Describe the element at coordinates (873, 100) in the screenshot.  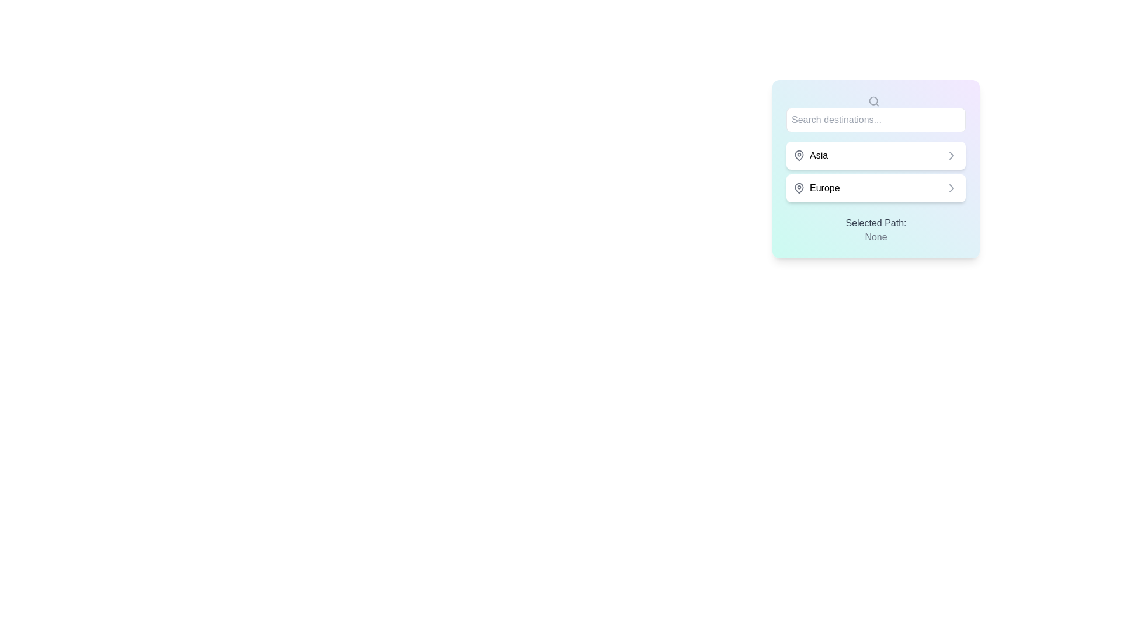
I see `the circular component styled to resemble part of a magnifying glass icon within the search bar area` at that location.